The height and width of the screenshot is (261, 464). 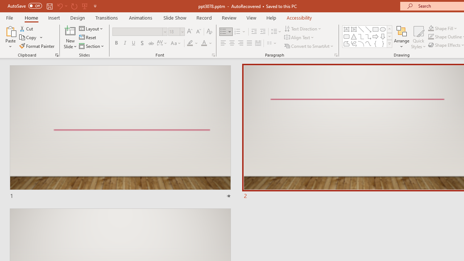 I want to click on 'Shape Outline Green, Accent 1', so click(x=431, y=37).